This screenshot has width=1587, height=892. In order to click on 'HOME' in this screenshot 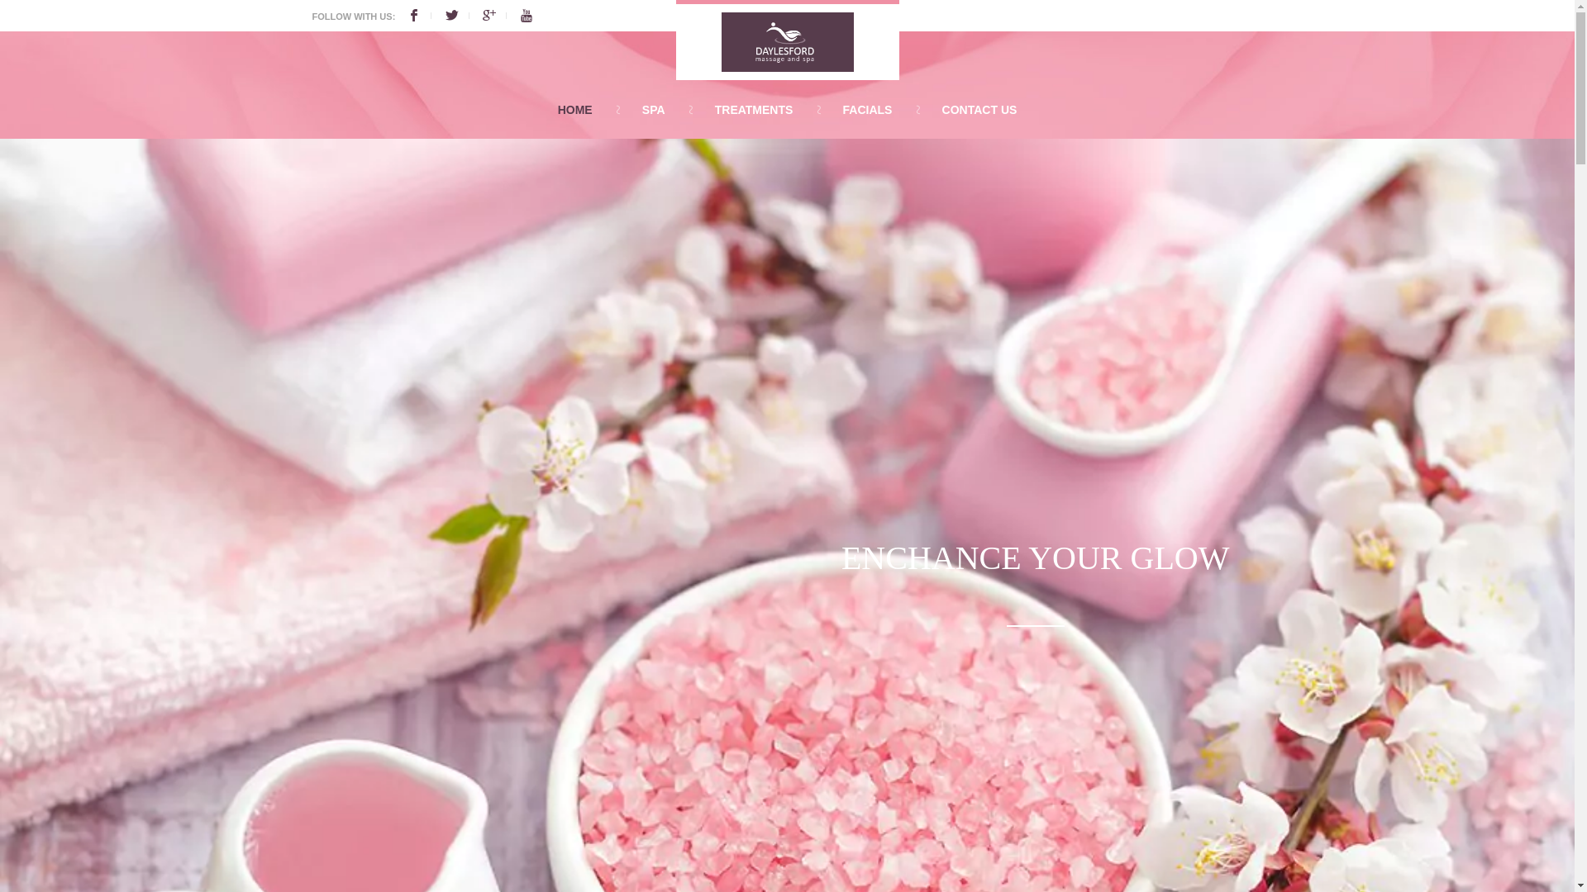, I will do `click(575, 109)`.